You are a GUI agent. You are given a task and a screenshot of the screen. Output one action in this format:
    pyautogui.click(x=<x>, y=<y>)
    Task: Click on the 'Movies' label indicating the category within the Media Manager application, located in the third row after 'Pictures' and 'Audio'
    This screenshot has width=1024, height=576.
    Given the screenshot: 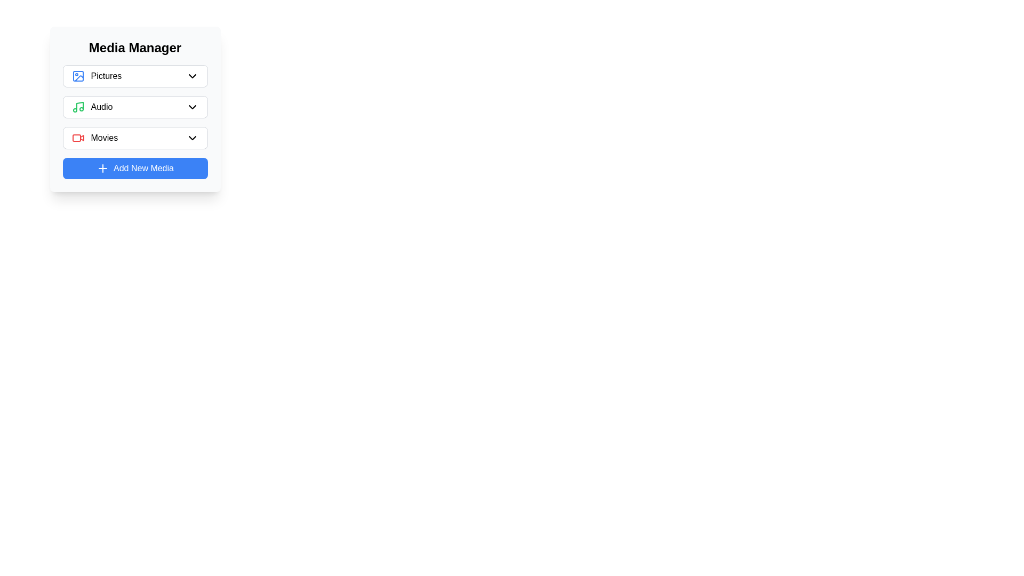 What is the action you would take?
    pyautogui.click(x=94, y=137)
    